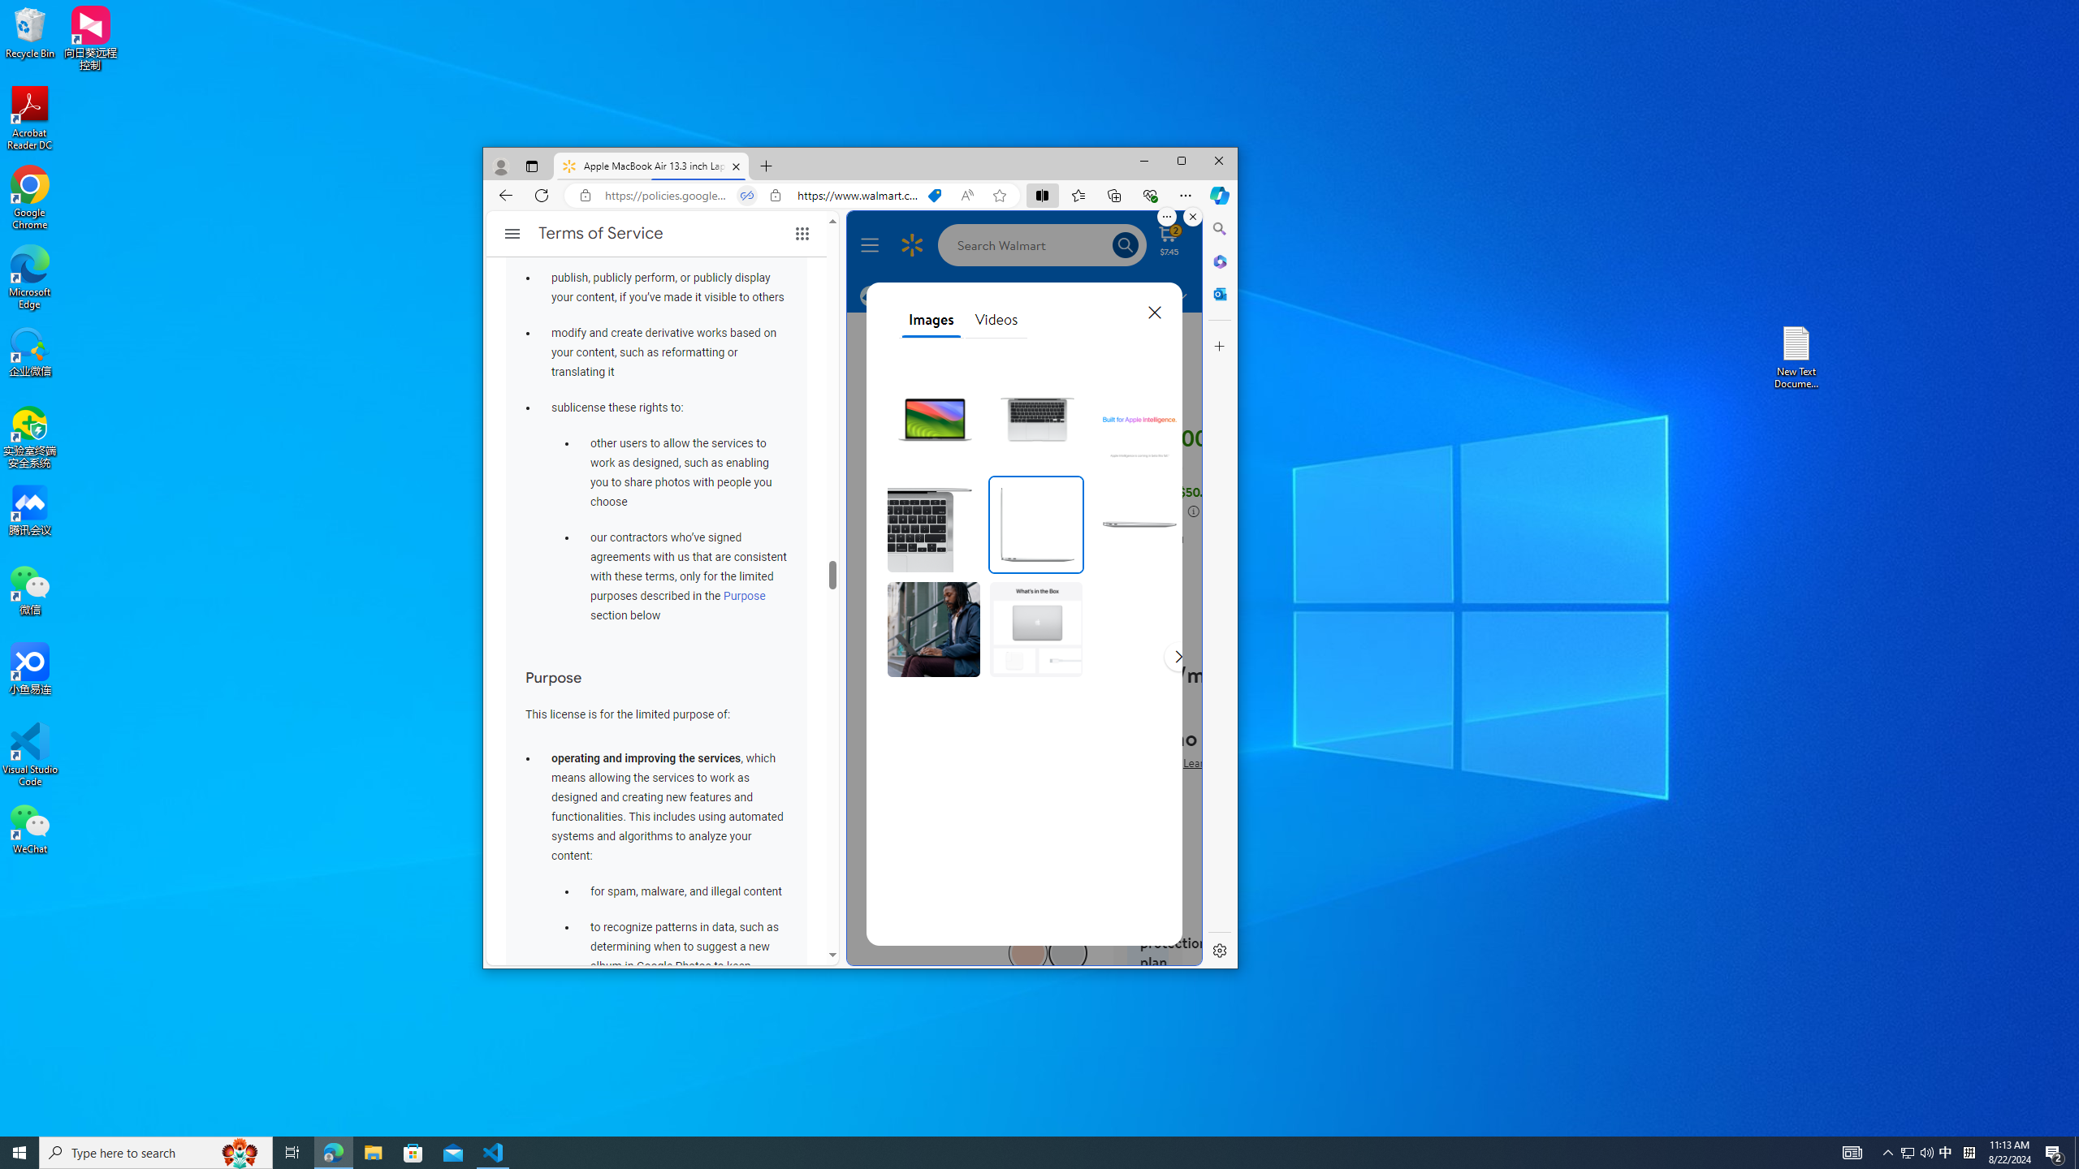  I want to click on 'Tabs in split screen', so click(746, 195).